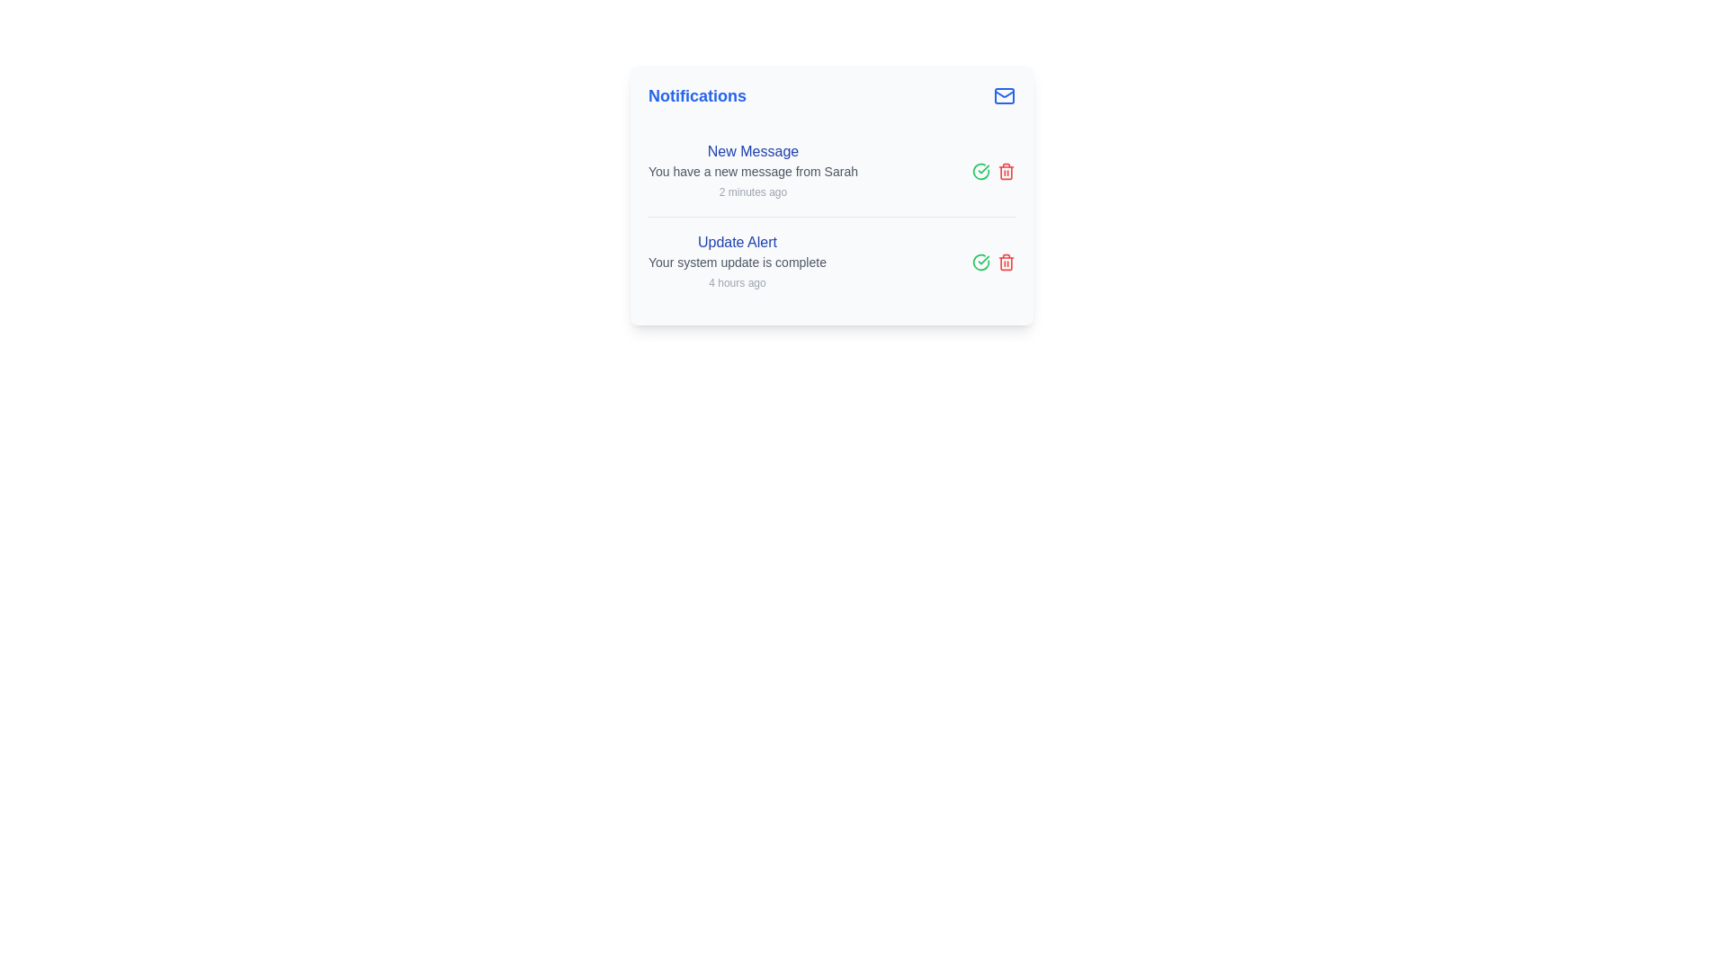  What do you see at coordinates (738, 243) in the screenshot?
I see `the title text label of the second notification under the 'Notifications' header, which summarizes the nature of the alert` at bounding box center [738, 243].